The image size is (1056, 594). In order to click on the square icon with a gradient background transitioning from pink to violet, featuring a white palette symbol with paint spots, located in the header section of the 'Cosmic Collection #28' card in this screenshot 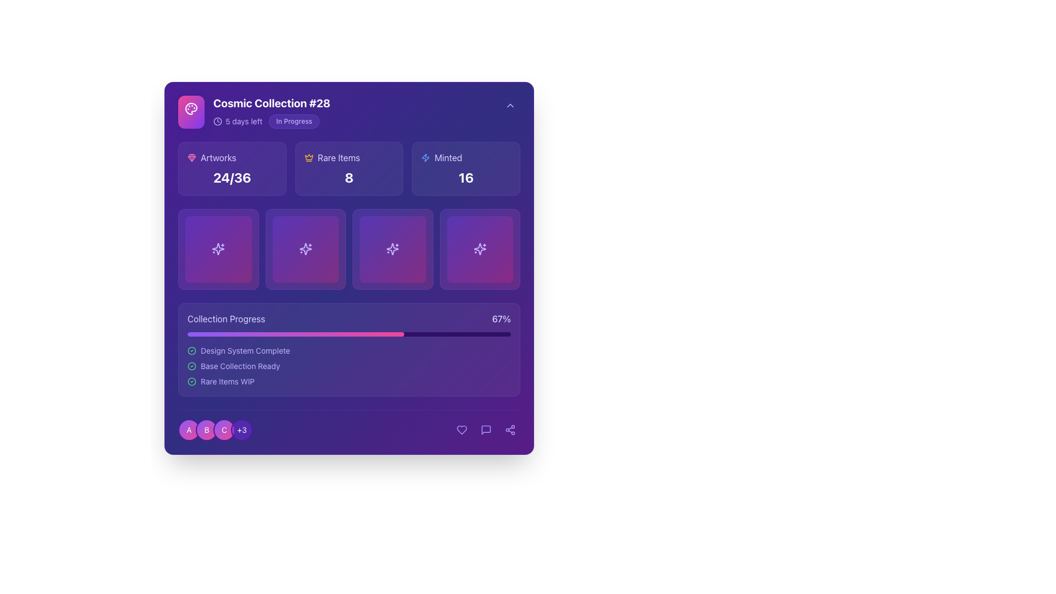, I will do `click(191, 112)`.